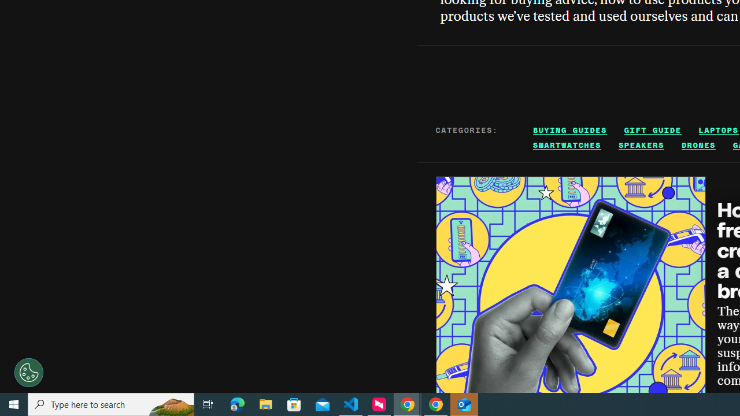  Describe the element at coordinates (698, 144) in the screenshot. I see `'DRONES'` at that location.